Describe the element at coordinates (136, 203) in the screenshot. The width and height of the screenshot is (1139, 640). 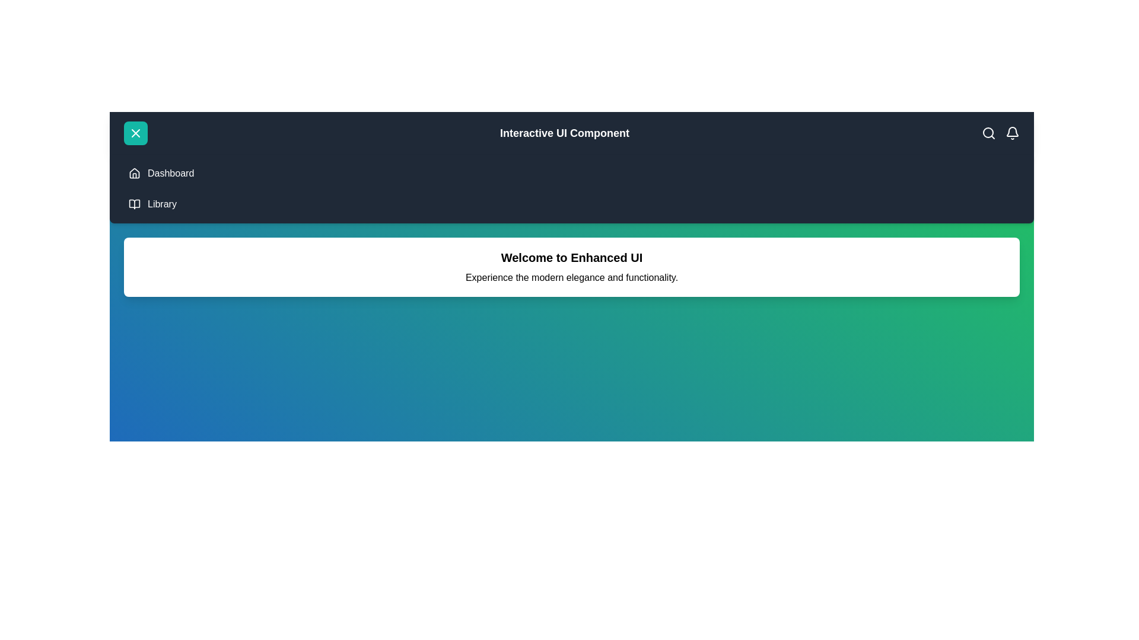
I see `the Library menu item to navigate to the Library section` at that location.